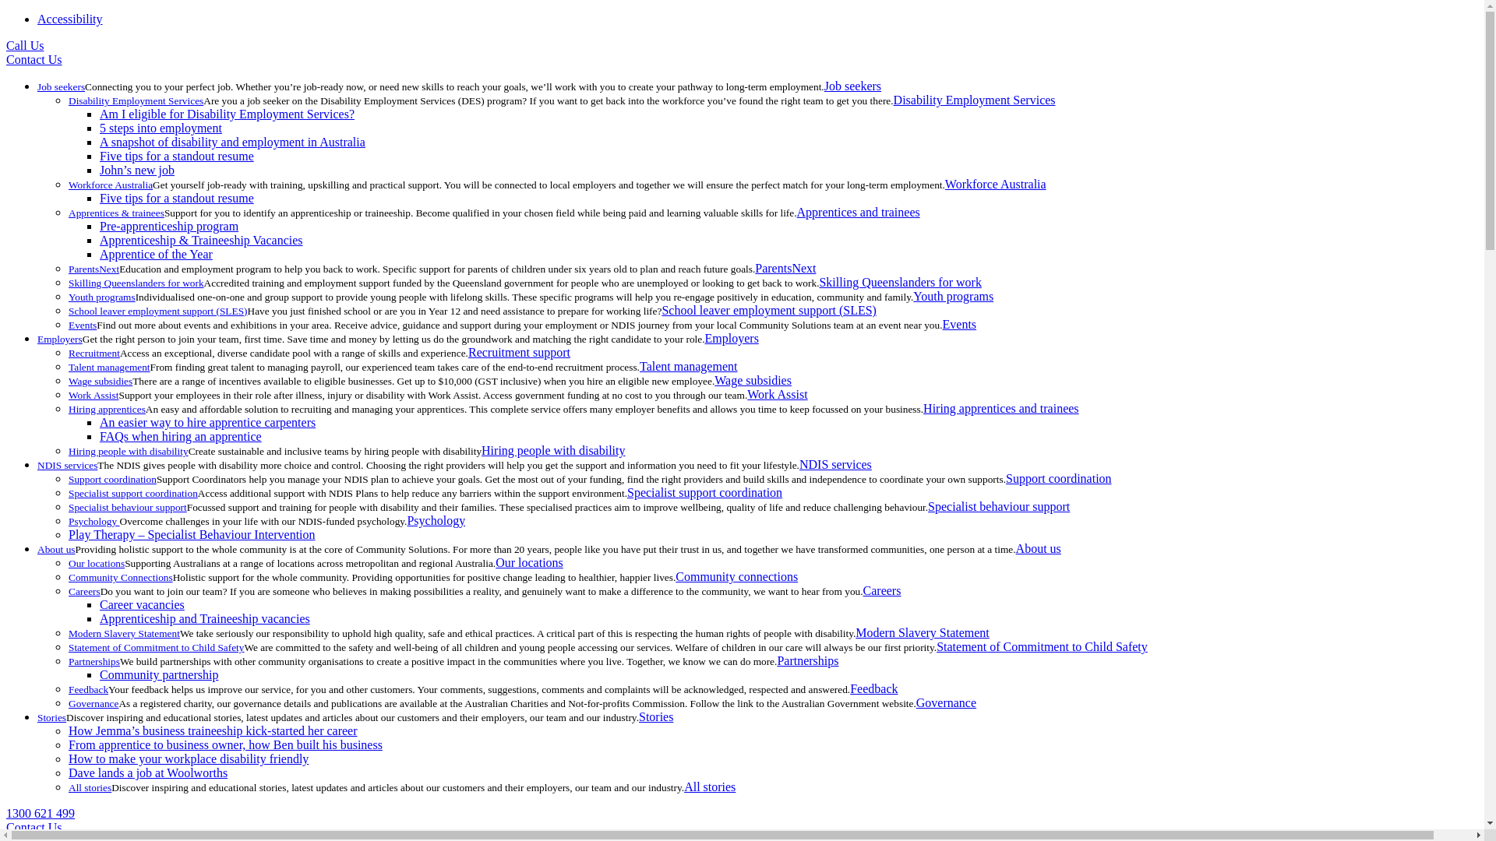 The height and width of the screenshot is (841, 1496). What do you see at coordinates (115, 213) in the screenshot?
I see `'Apprentices & trainees'` at bounding box center [115, 213].